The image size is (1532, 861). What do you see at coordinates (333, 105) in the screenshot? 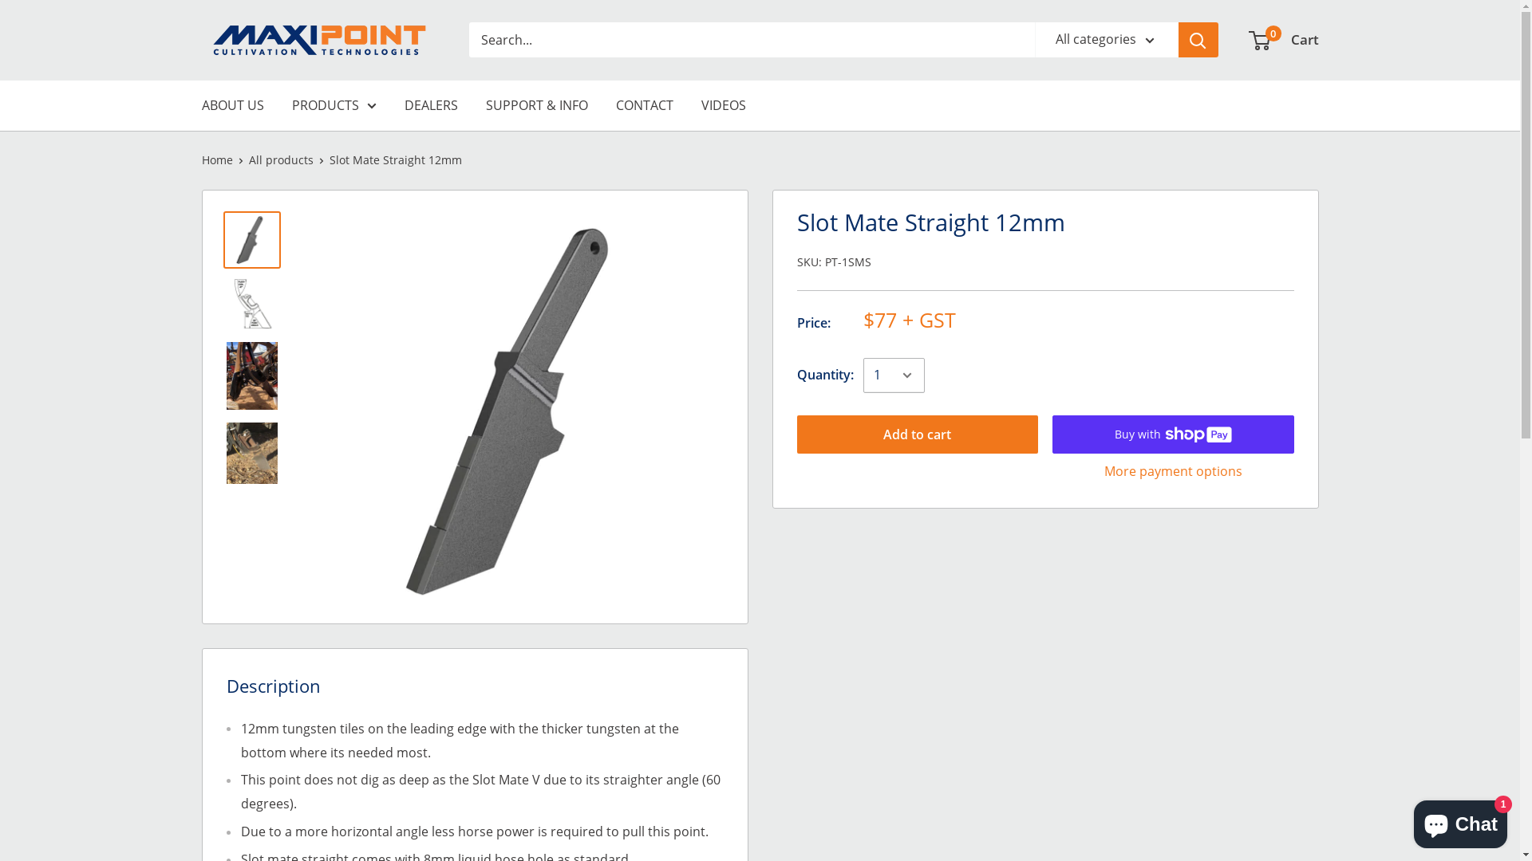
I see `'PRODUCTS'` at bounding box center [333, 105].